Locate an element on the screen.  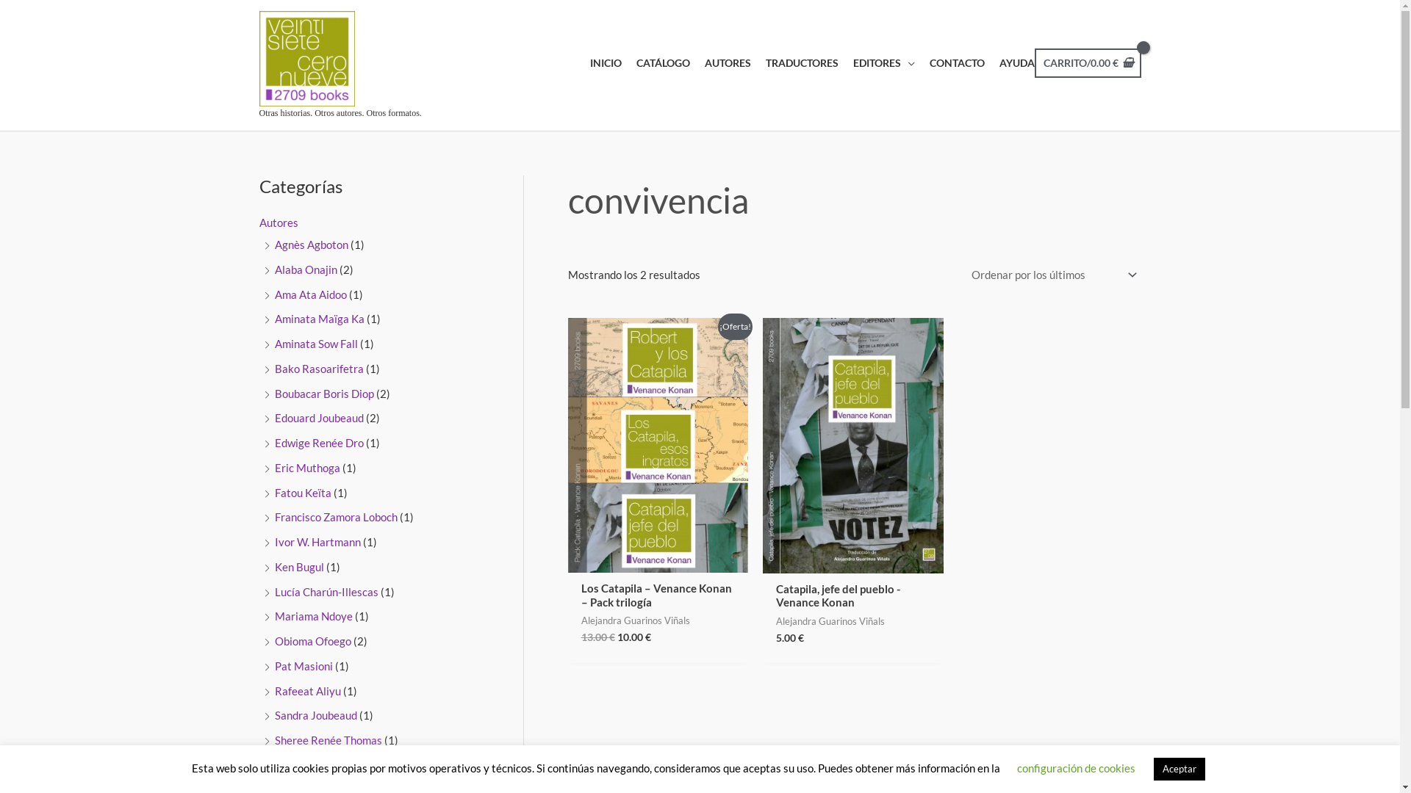
'Aminata Sow Fall' is located at coordinates (275, 343).